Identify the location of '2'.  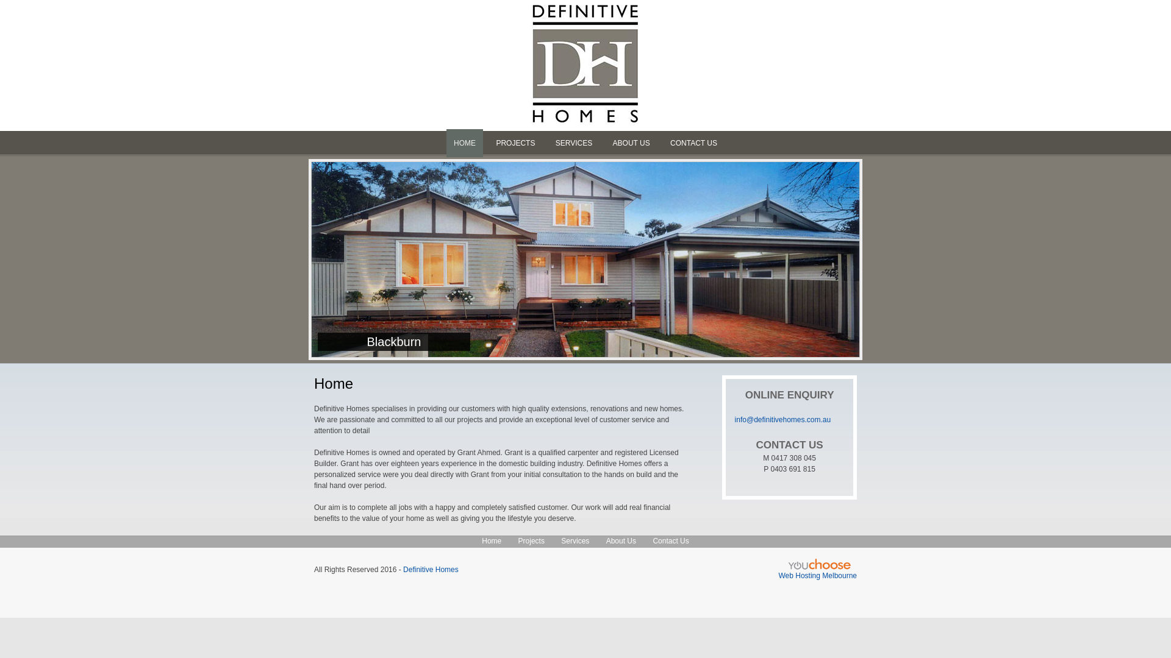
(571, 171).